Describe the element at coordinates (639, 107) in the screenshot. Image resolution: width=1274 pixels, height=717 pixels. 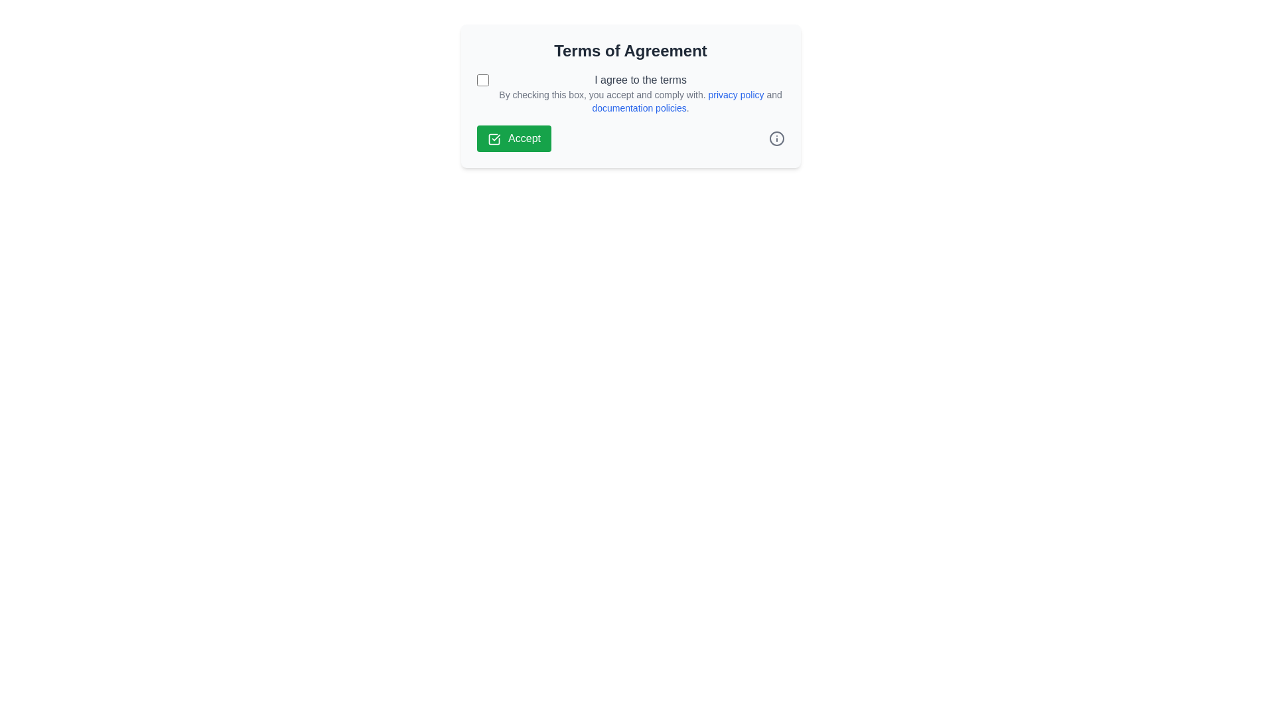
I see `the second hyperlink in the 'Terms of Agreement' section` at that location.